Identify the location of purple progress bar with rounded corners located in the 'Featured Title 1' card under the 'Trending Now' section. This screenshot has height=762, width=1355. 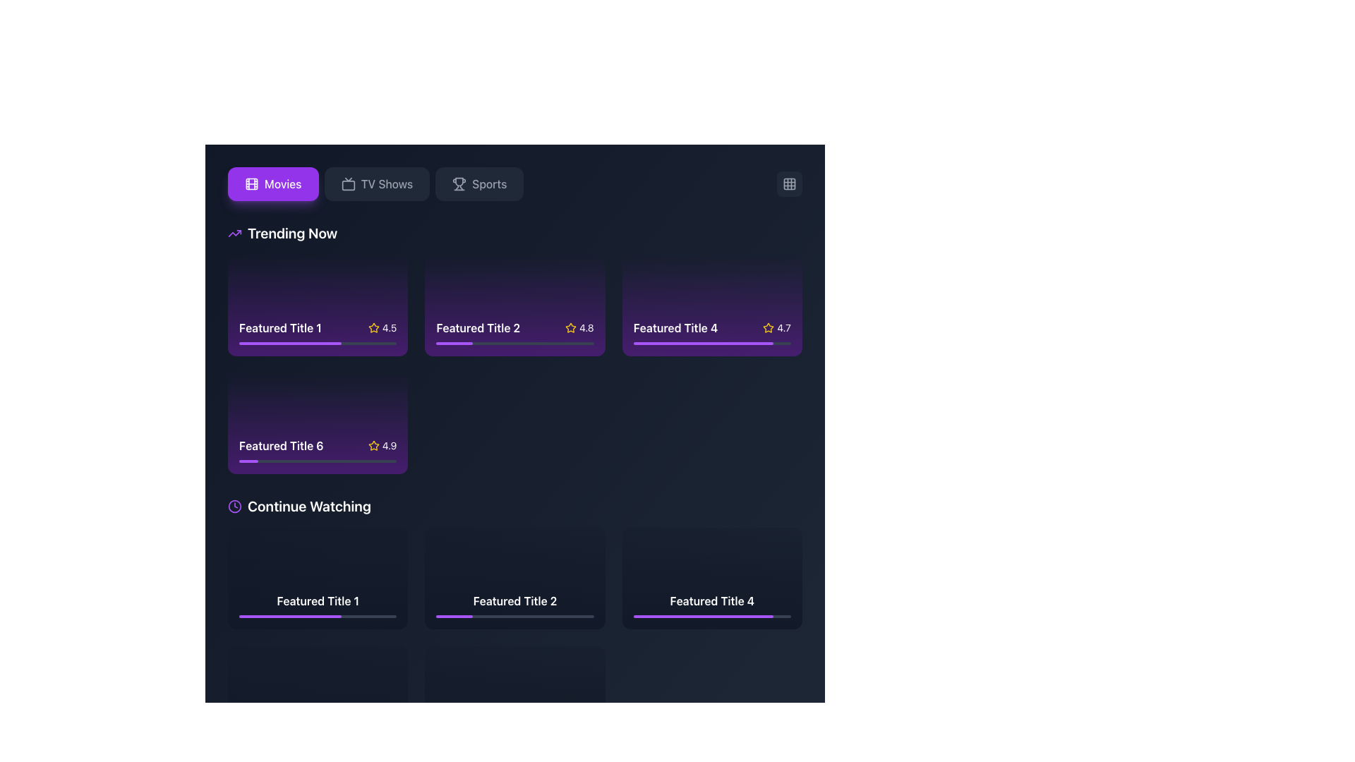
(289, 343).